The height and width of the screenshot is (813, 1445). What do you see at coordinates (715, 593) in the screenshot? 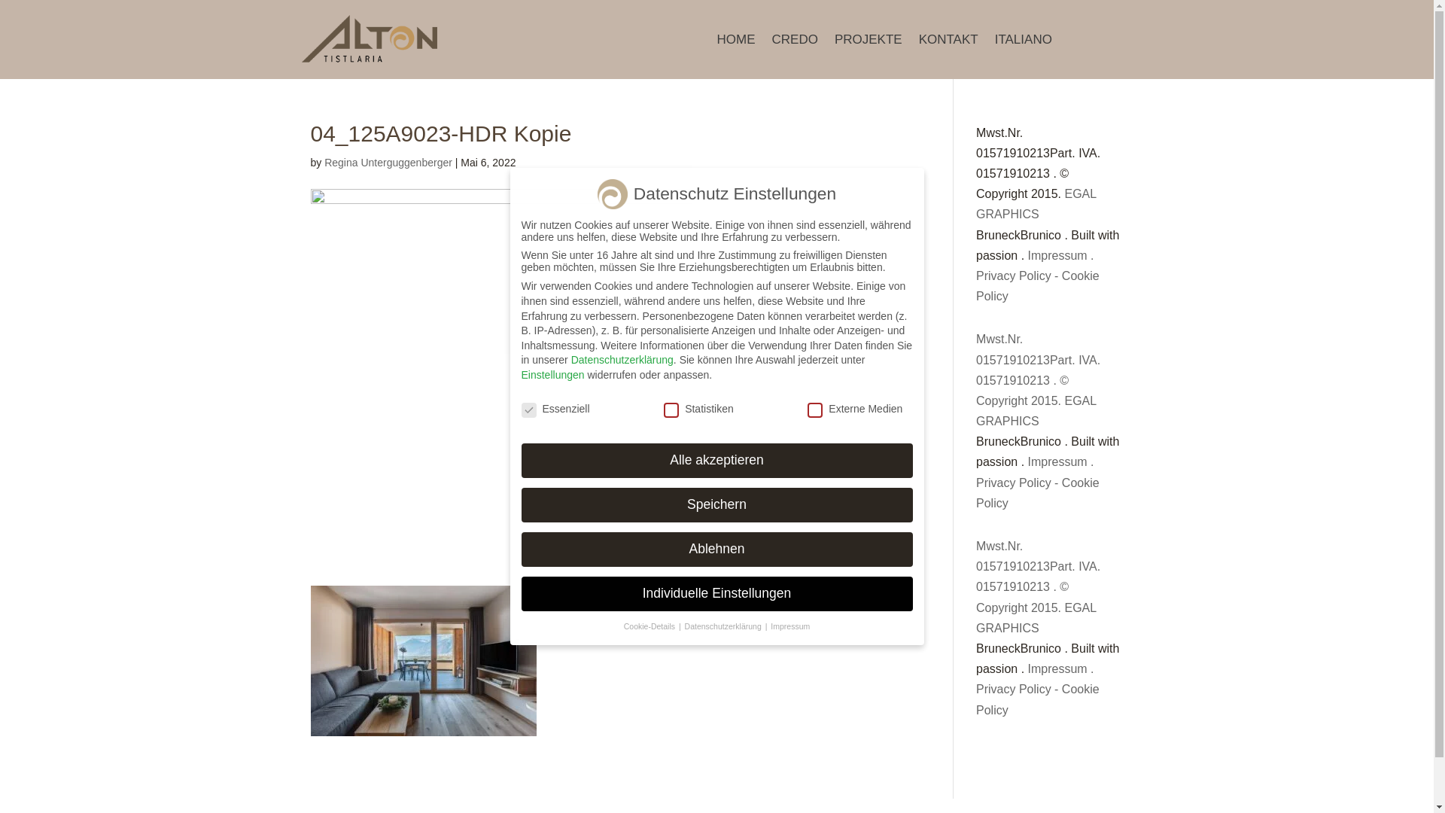
I see `'Individuelle Einstellungen'` at bounding box center [715, 593].